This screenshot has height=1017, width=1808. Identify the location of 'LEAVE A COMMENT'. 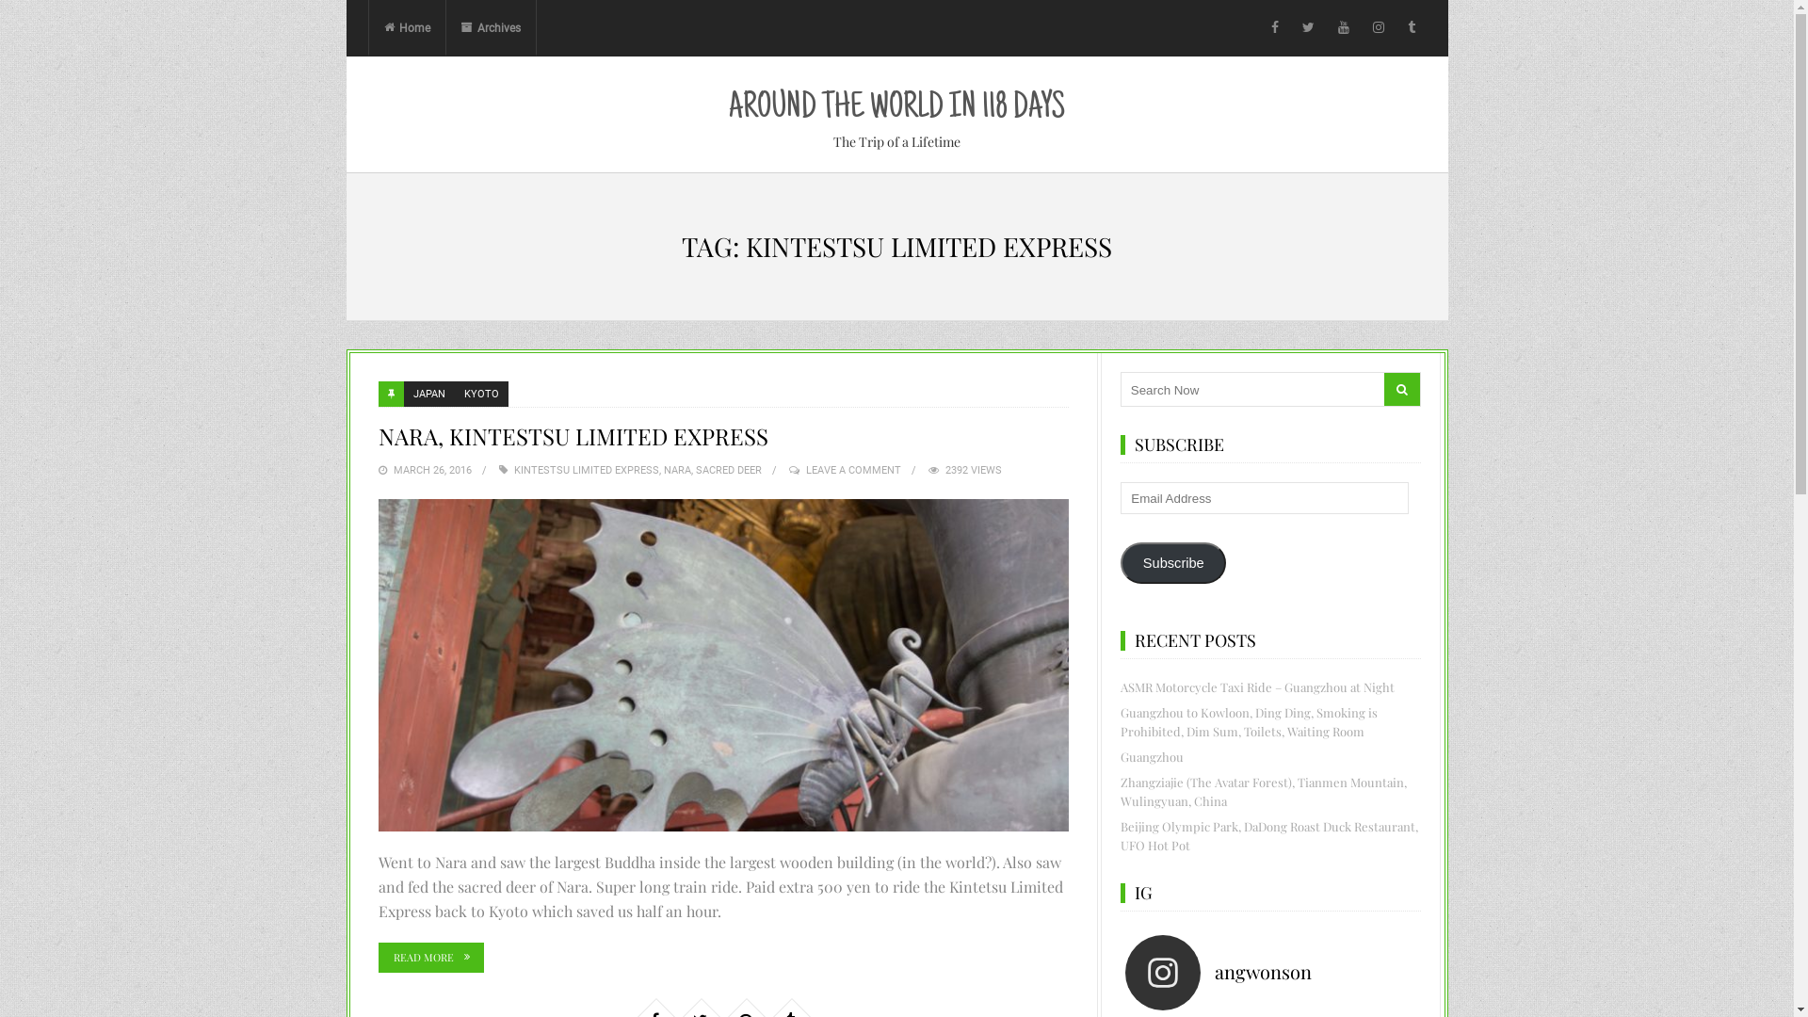
(852, 469).